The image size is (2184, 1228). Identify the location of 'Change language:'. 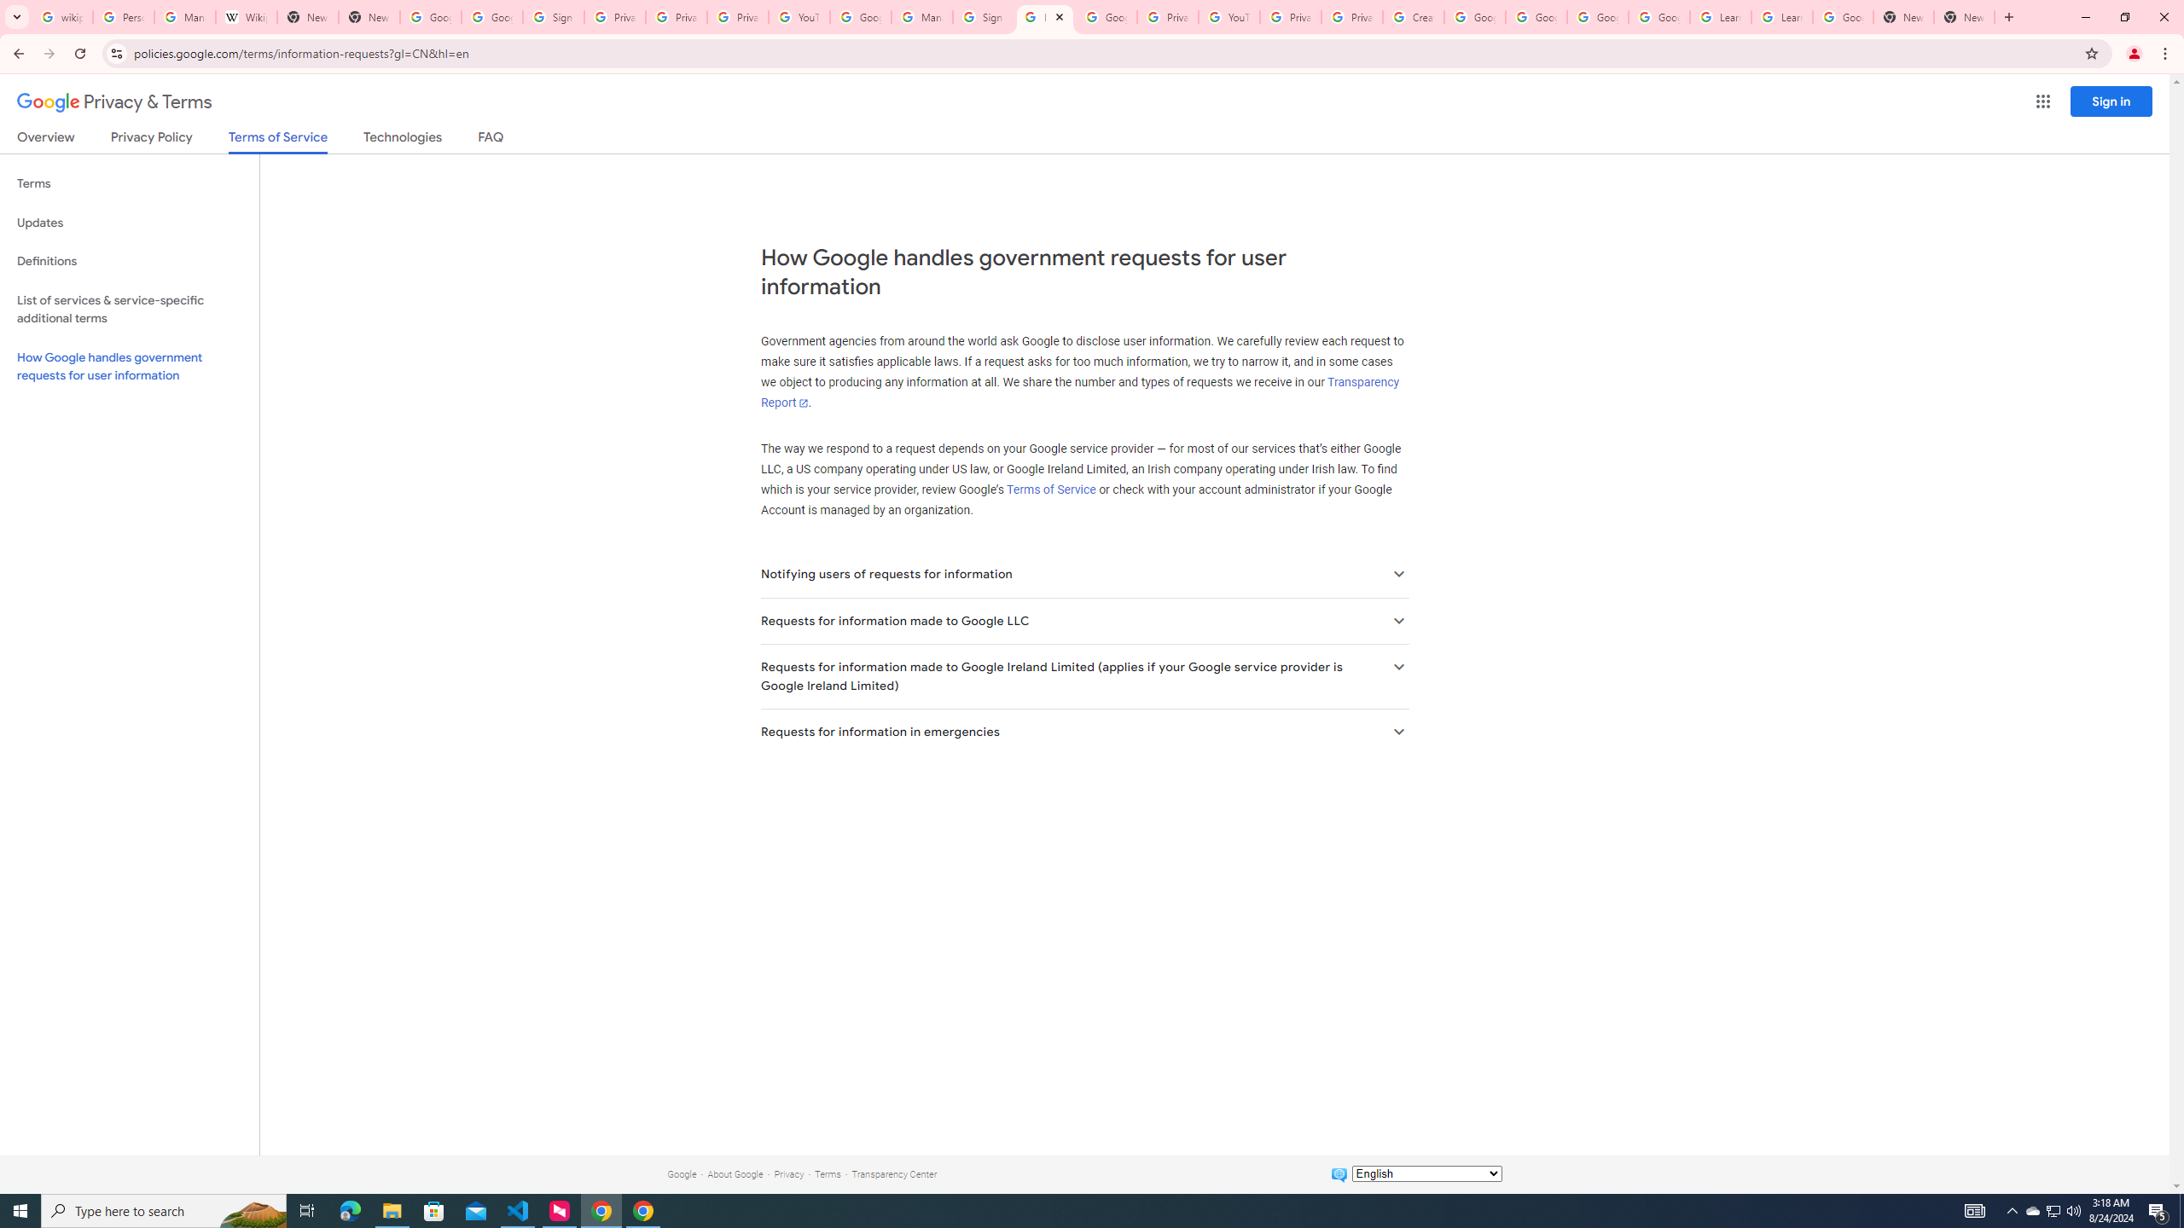
(1426, 1172).